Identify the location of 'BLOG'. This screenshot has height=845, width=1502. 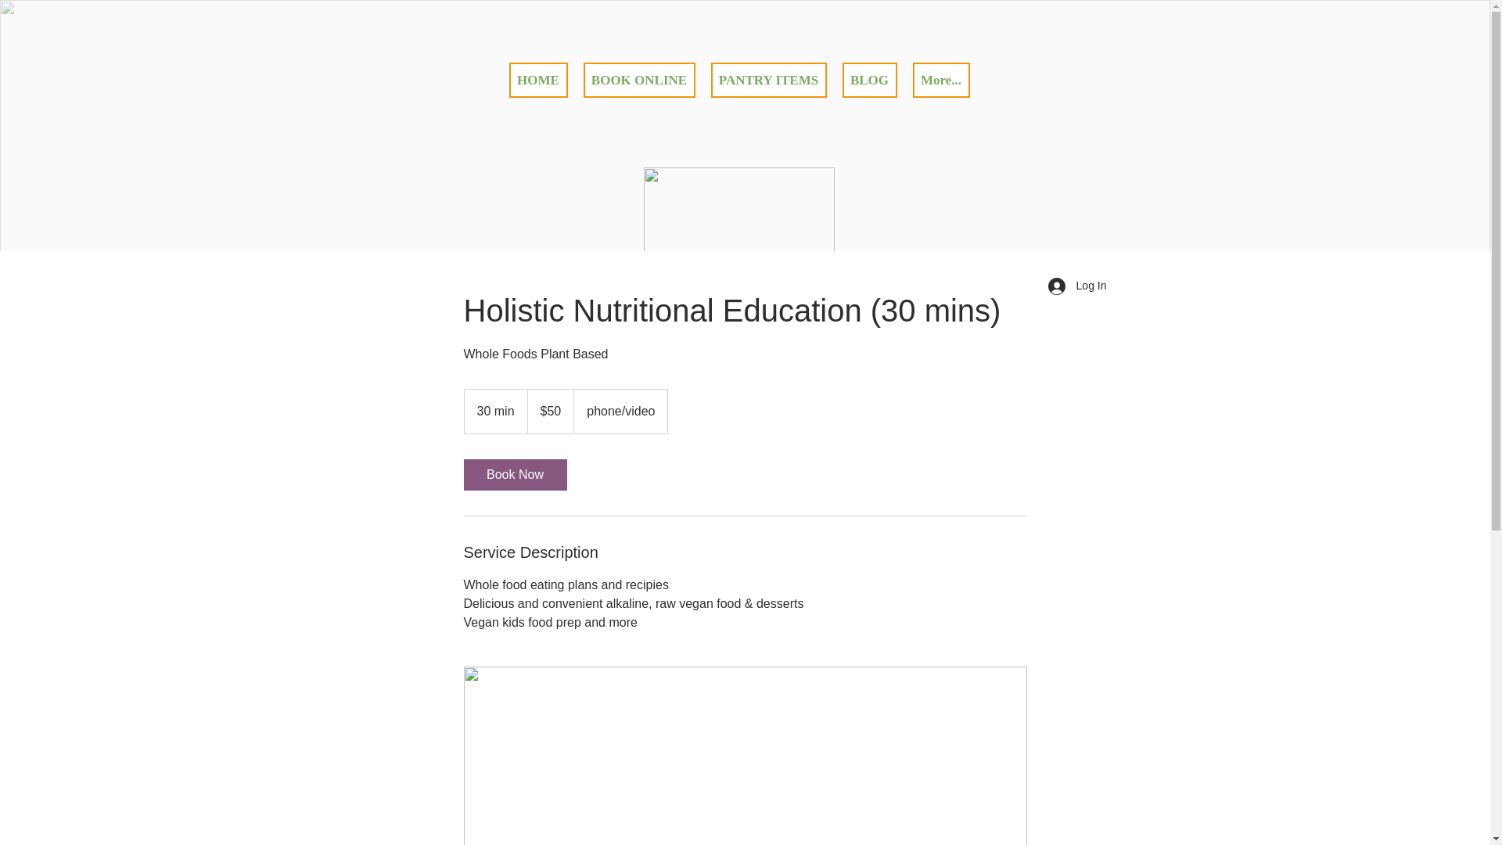
(840, 80).